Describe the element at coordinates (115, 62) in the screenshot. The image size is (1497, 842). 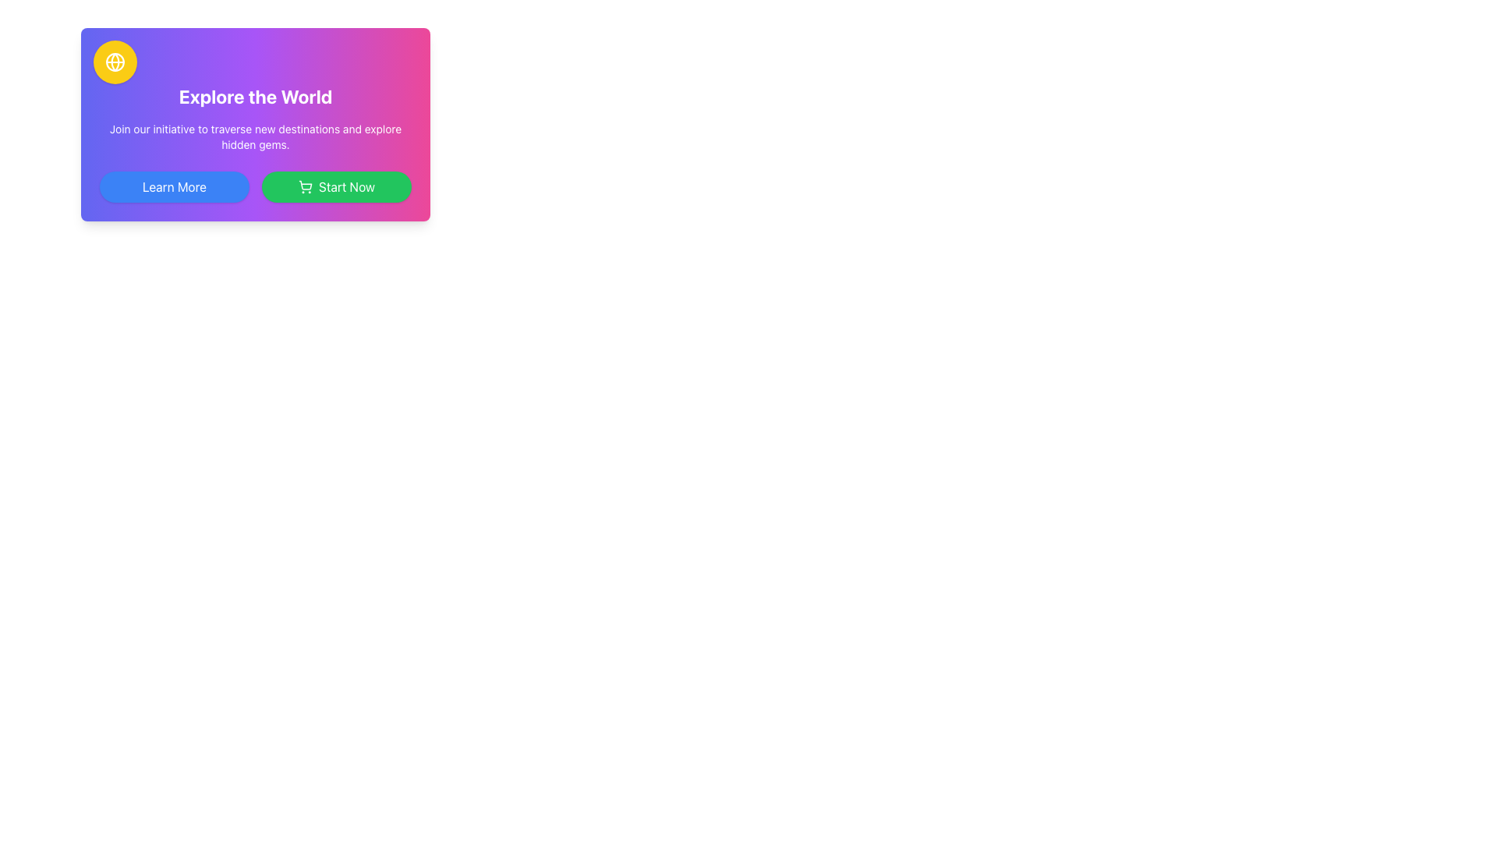
I see `the globe icon located at the upper-left corner of the brightly colored card, which features a gradient background and is aligned near the text 'Explore the World'` at that location.